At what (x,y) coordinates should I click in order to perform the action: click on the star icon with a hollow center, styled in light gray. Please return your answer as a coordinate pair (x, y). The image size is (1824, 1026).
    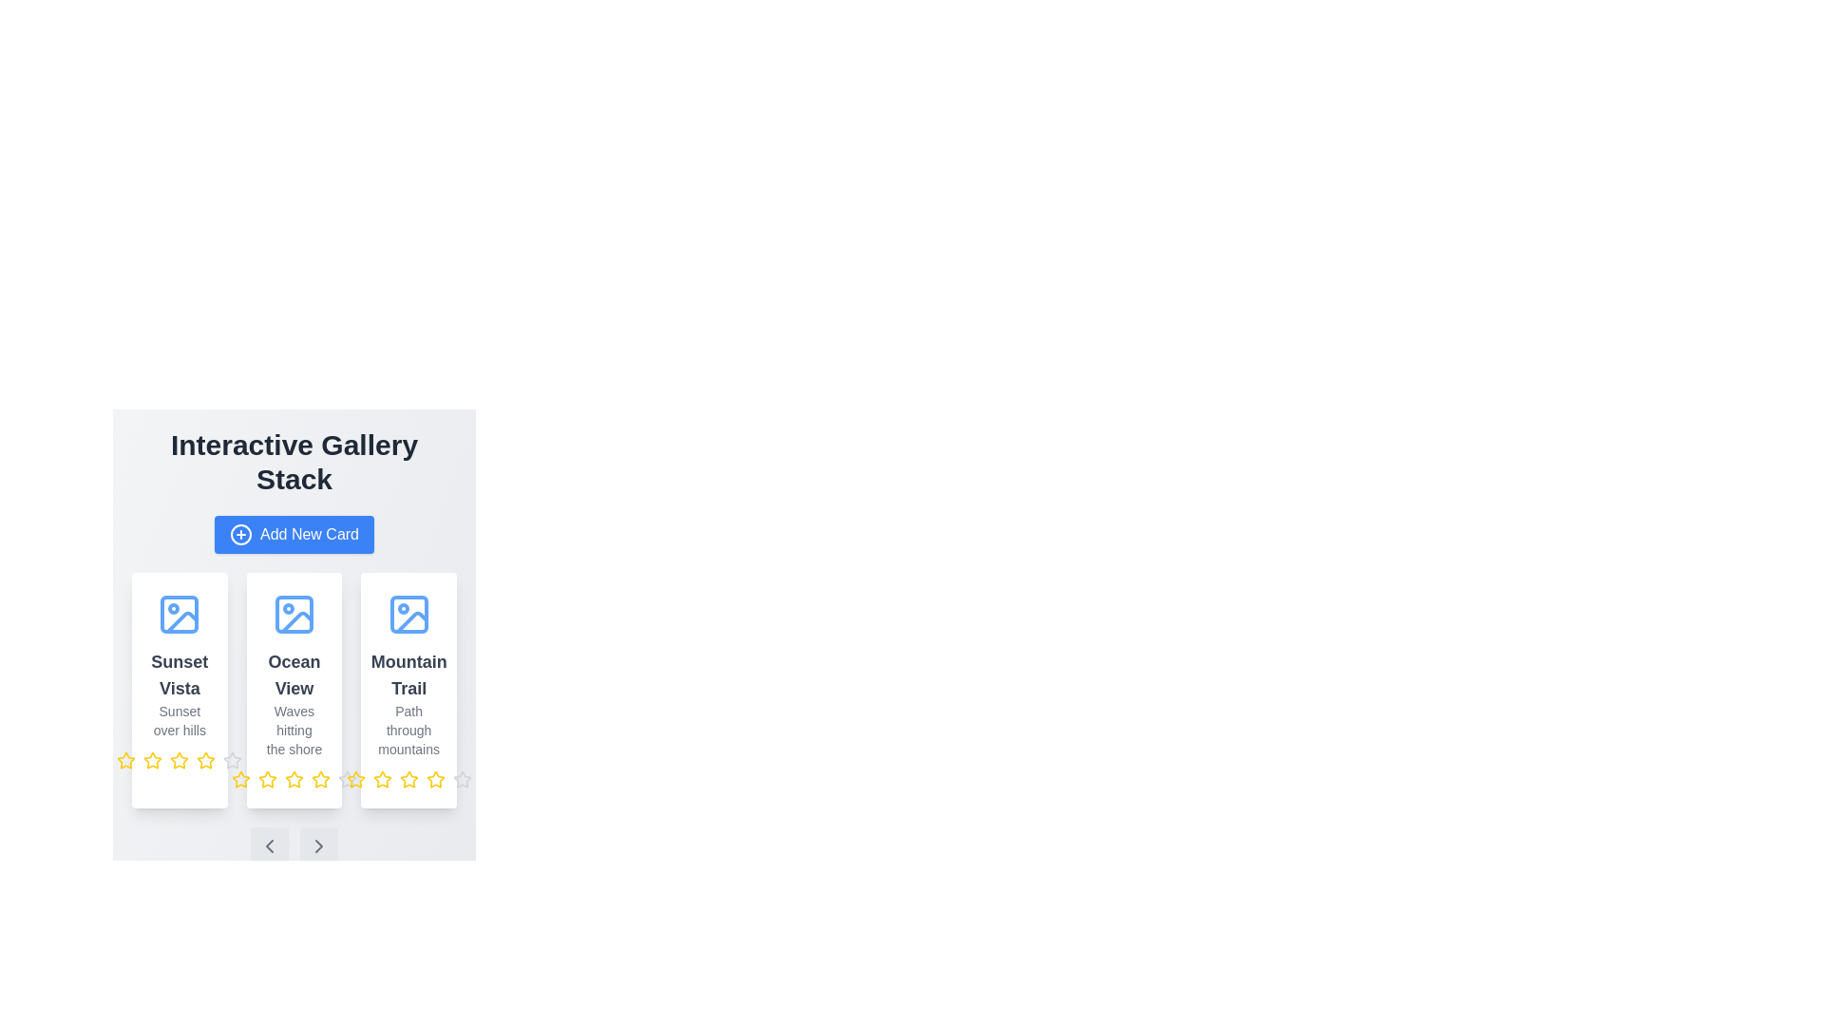
    Looking at the image, I should click on (462, 780).